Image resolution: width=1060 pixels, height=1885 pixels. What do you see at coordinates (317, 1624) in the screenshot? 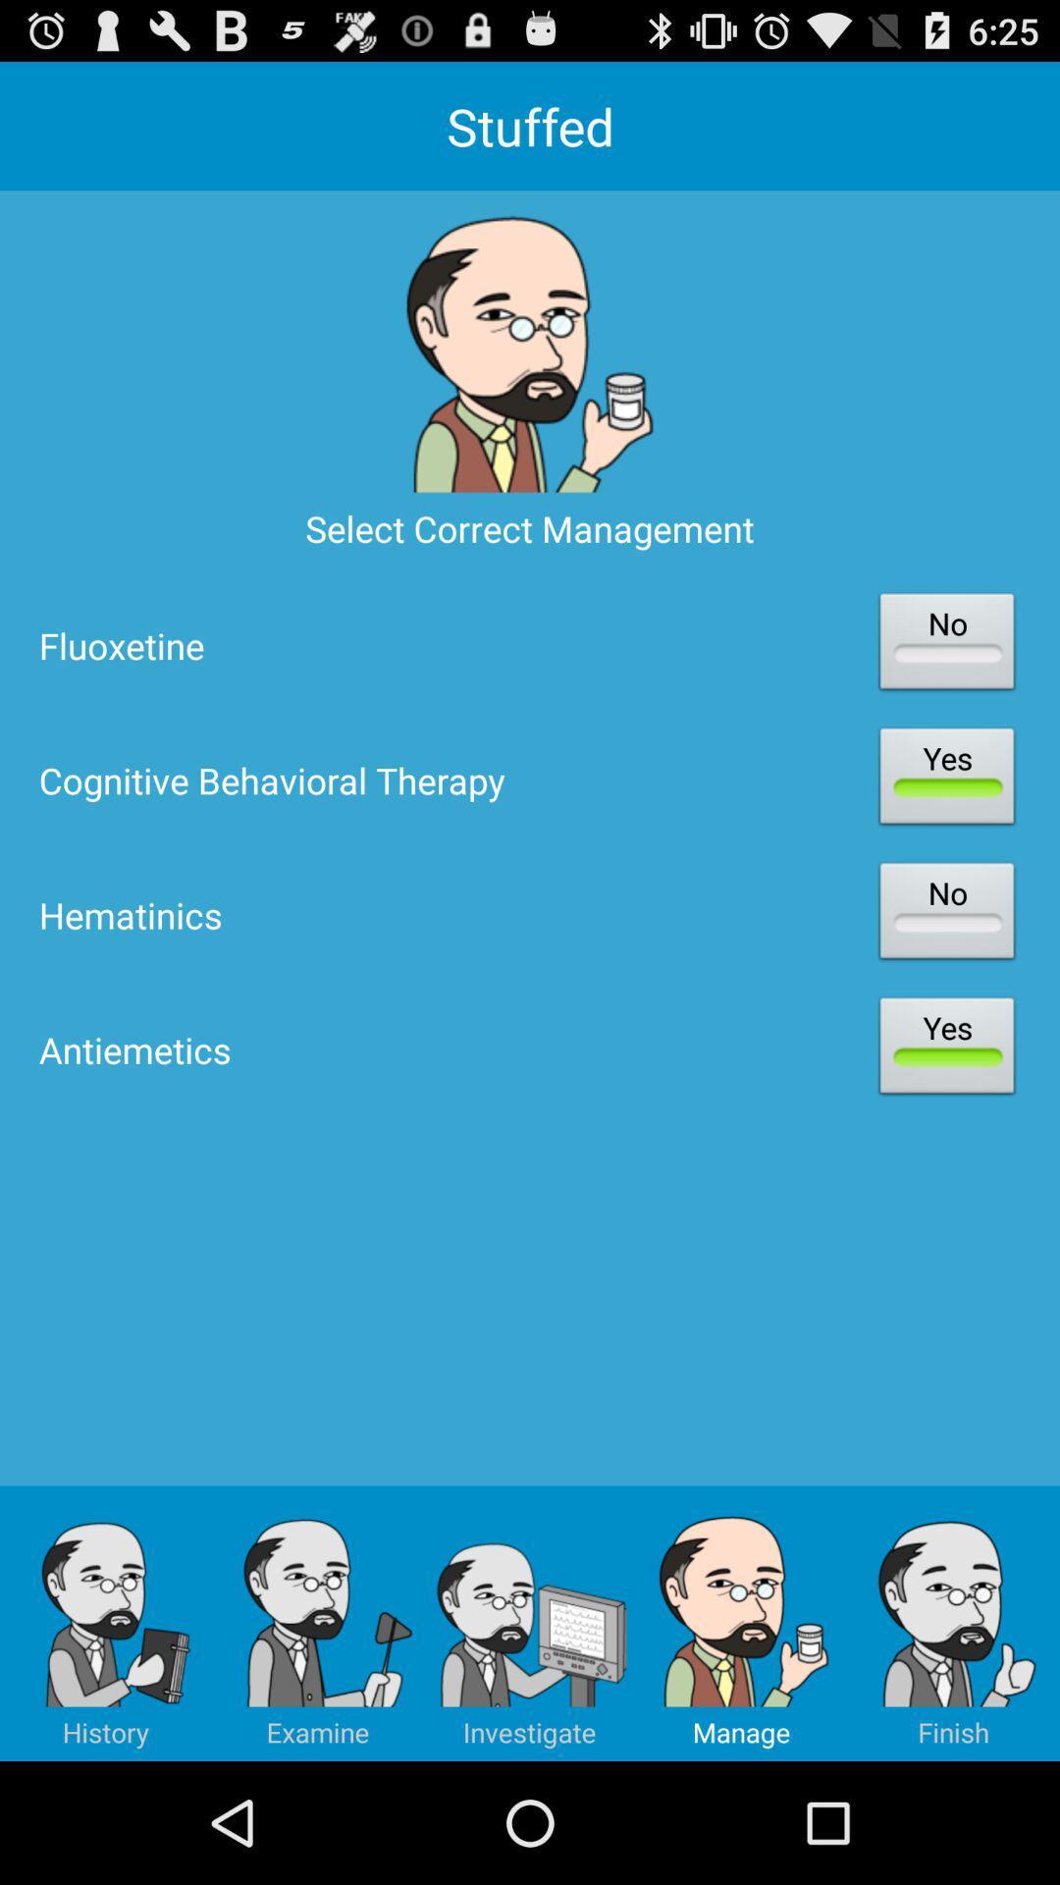
I see `the button right to history at bottom` at bounding box center [317, 1624].